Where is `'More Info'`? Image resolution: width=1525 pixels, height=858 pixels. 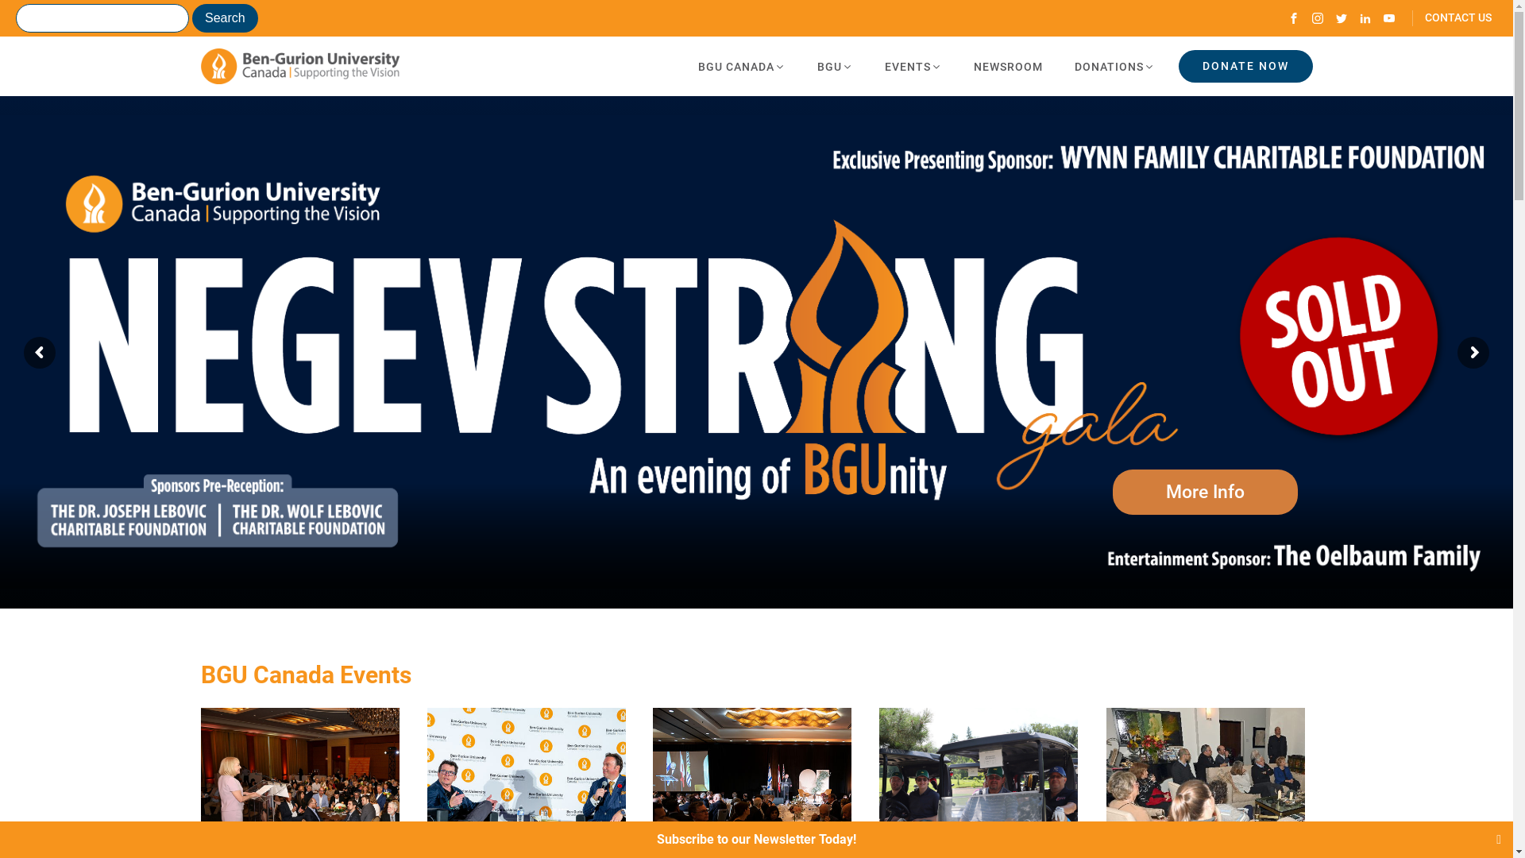
'More Info' is located at coordinates (1205, 491).